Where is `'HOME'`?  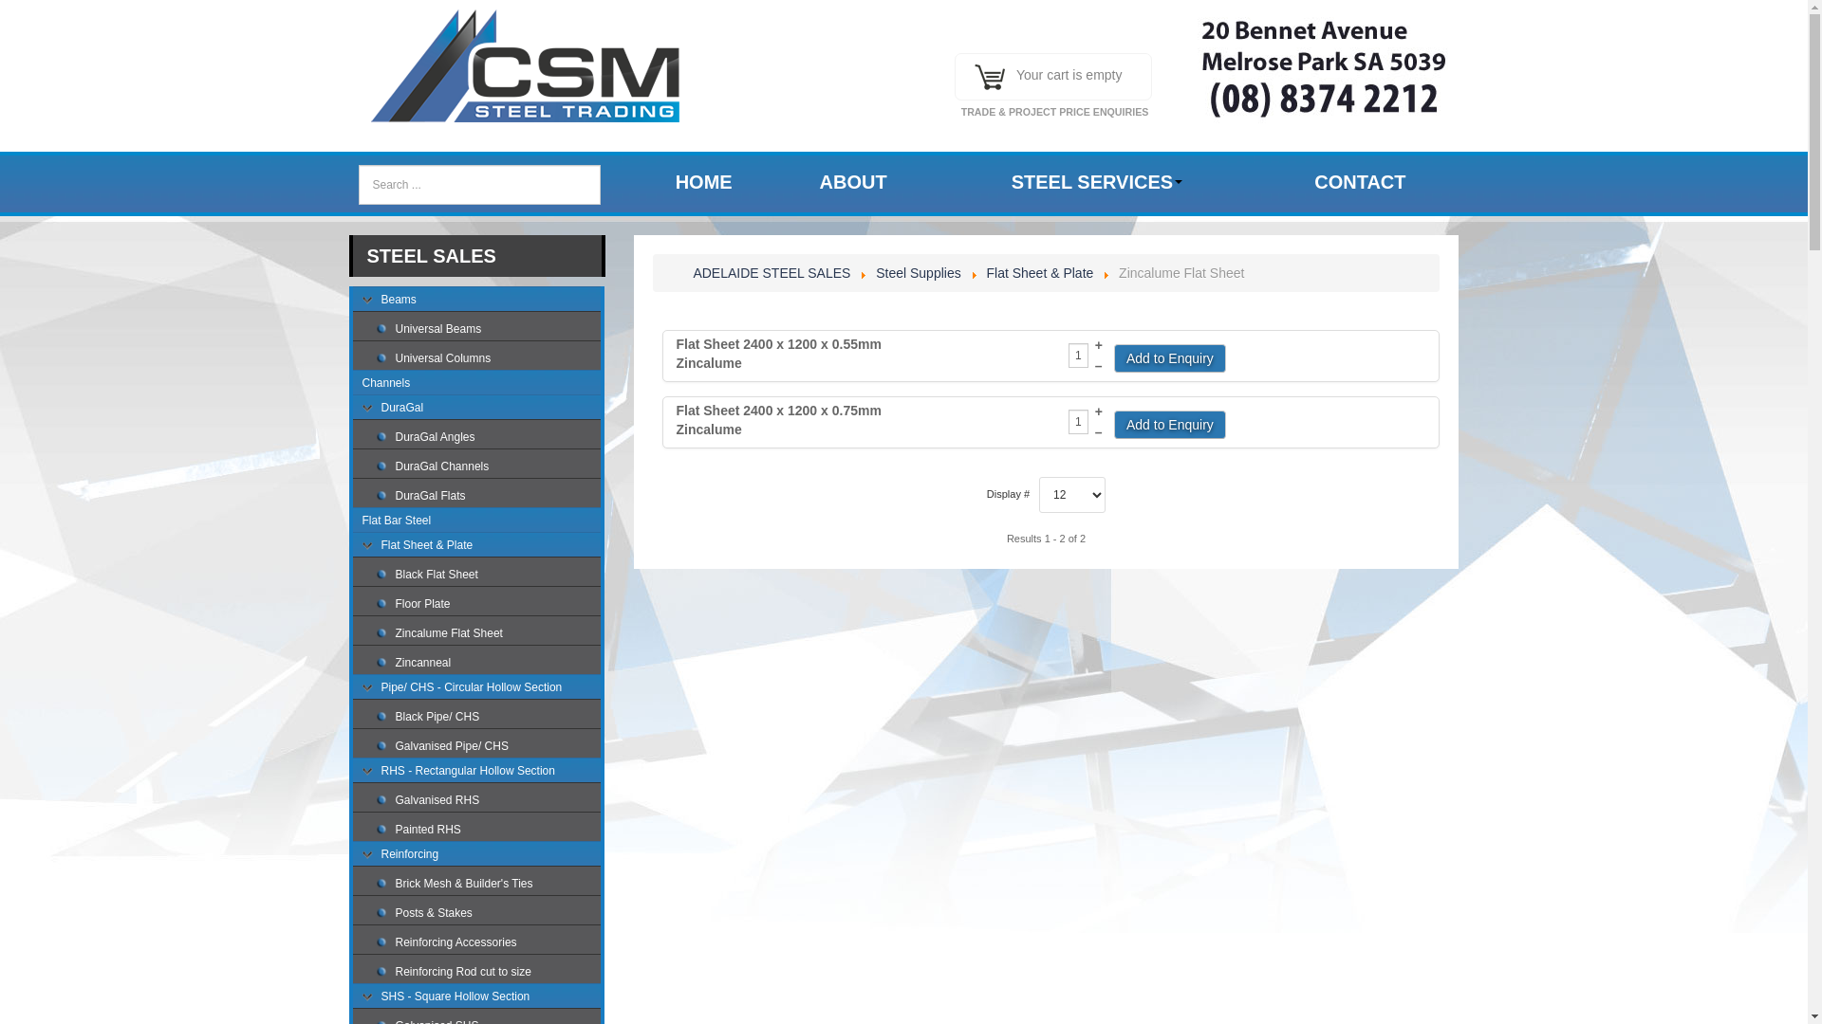 'HOME' is located at coordinates (703, 182).